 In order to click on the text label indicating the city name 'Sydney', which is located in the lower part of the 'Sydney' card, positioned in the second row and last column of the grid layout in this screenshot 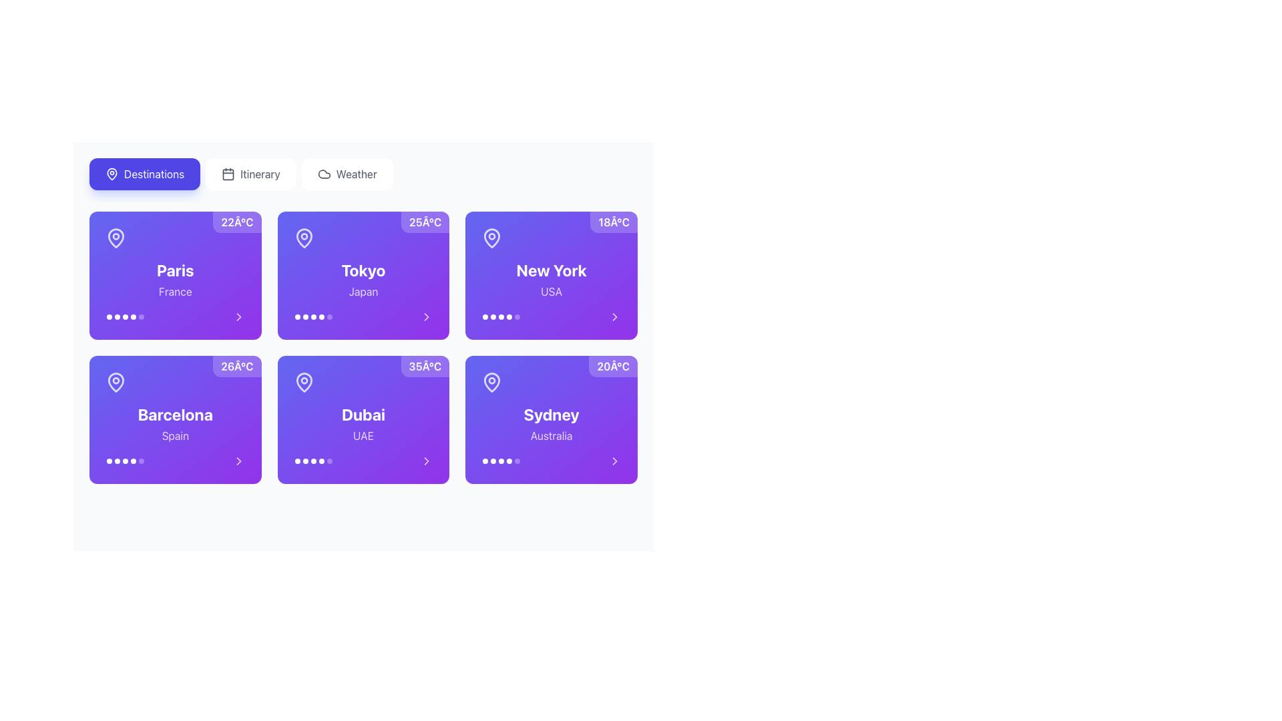, I will do `click(552, 414)`.